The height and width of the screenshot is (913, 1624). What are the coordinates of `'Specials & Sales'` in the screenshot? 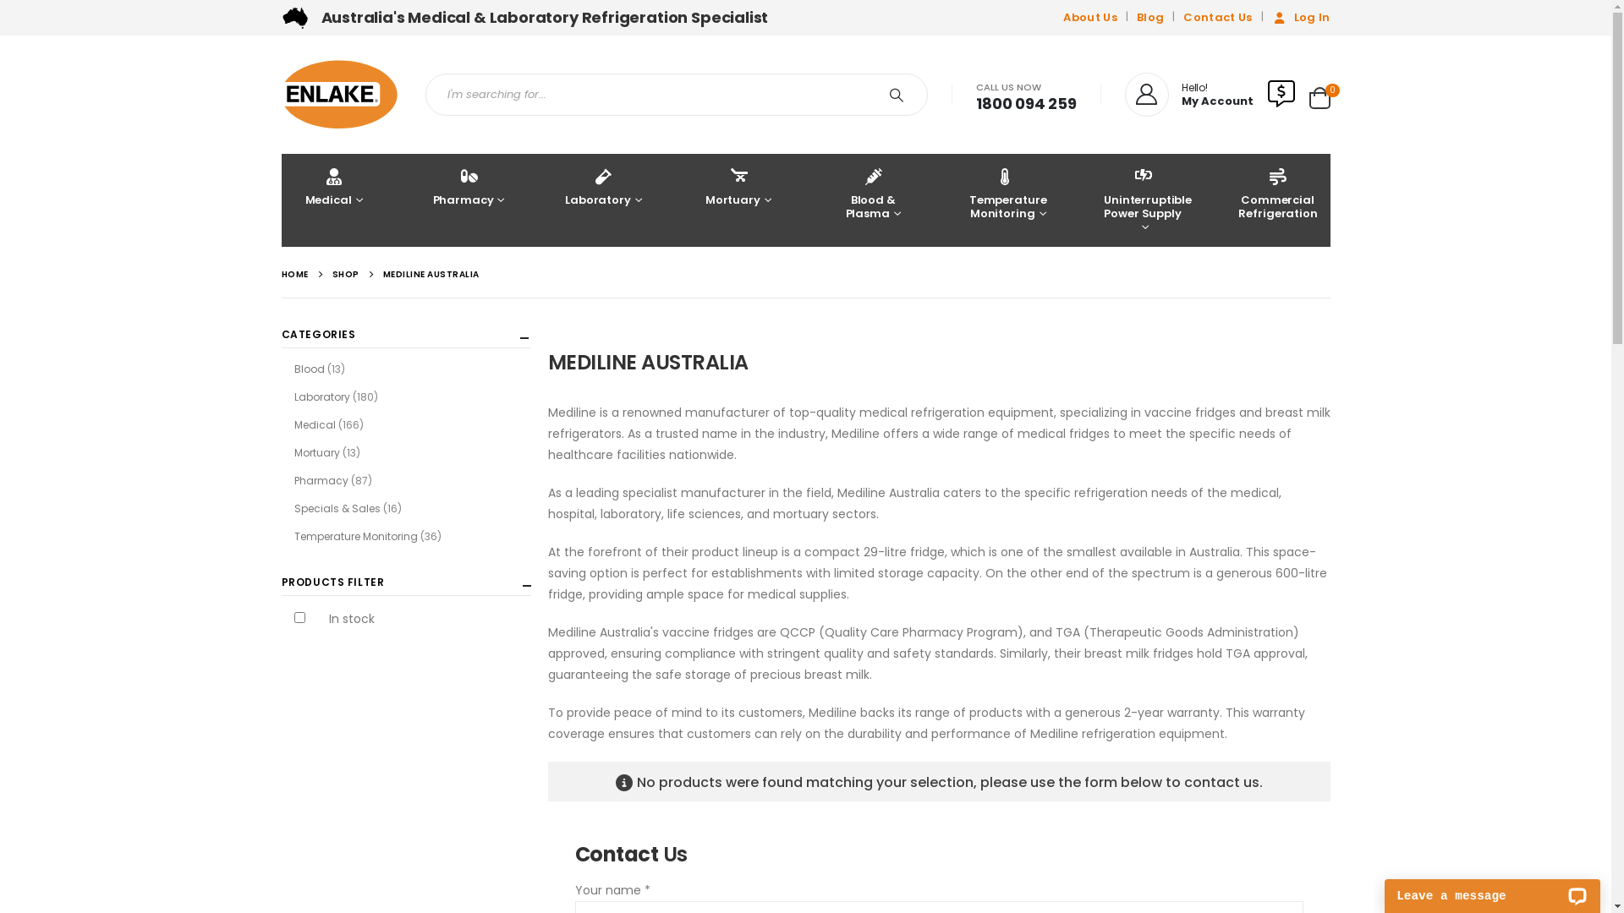 It's located at (294, 507).